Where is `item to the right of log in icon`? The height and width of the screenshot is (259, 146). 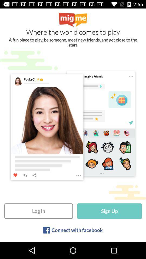 item to the right of log in icon is located at coordinates (109, 211).